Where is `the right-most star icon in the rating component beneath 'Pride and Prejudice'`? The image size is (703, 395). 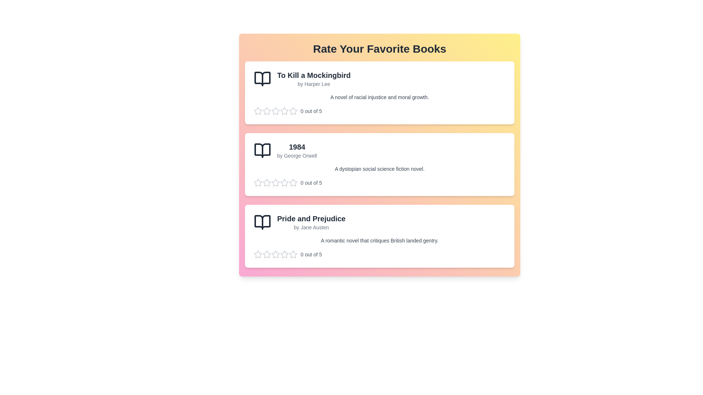
the right-most star icon in the rating component beneath 'Pride and Prejudice' is located at coordinates (293, 254).